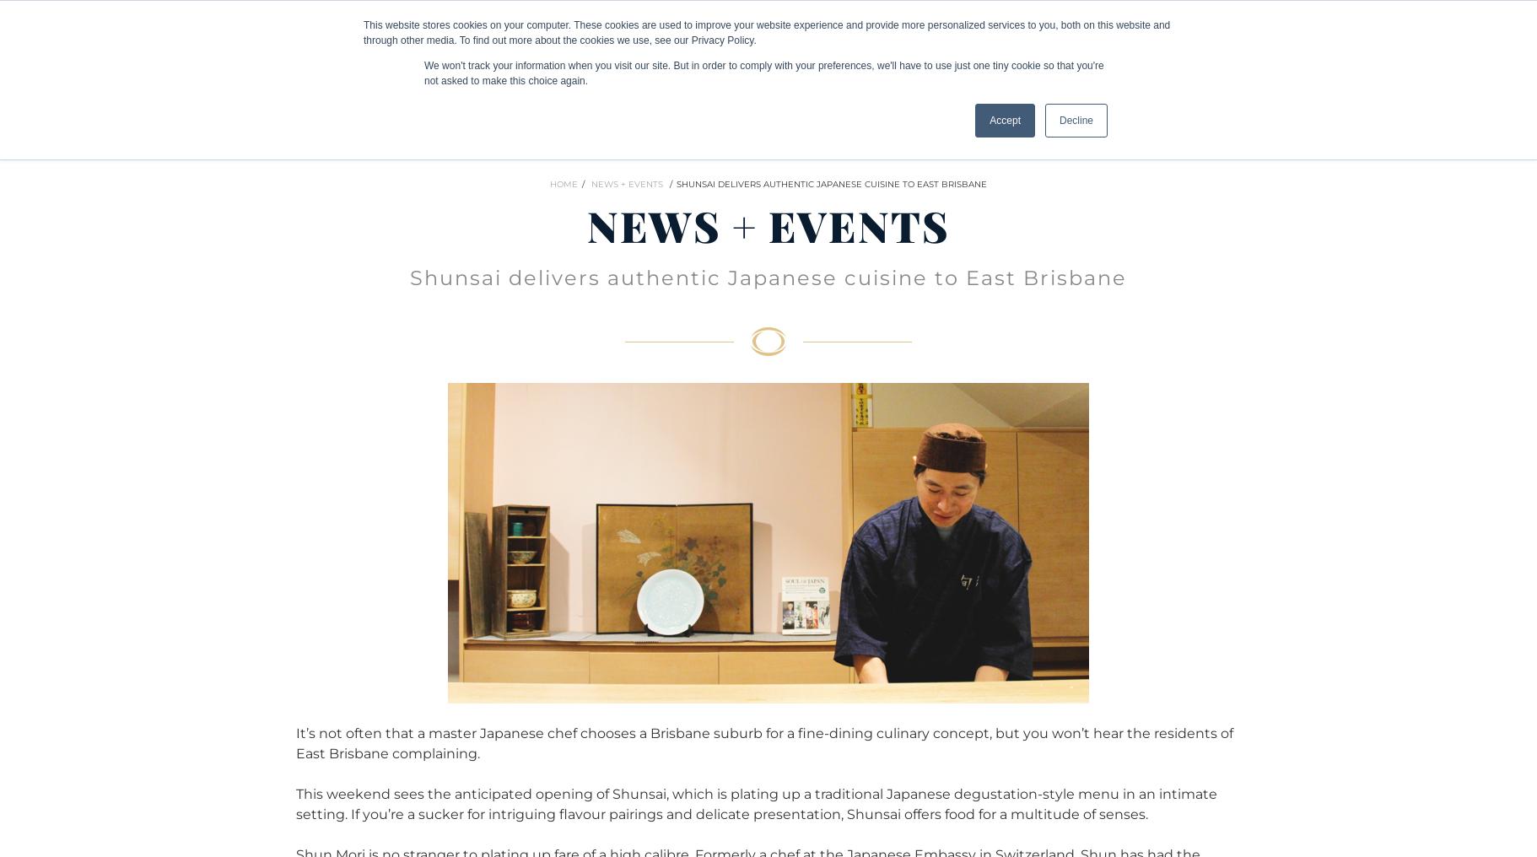 This screenshot has height=857, width=1537. What do you see at coordinates (756, 802) in the screenshot?
I see `'This weekend sees the anticipated opening of Shunsai, which is plating up a traditional Japanese degustation-style menu in an intimate setting. If you’re a sucker for intriguing flavour pairings and delicate presentation, Shunsai offers food for a multitude of senses.'` at bounding box center [756, 802].